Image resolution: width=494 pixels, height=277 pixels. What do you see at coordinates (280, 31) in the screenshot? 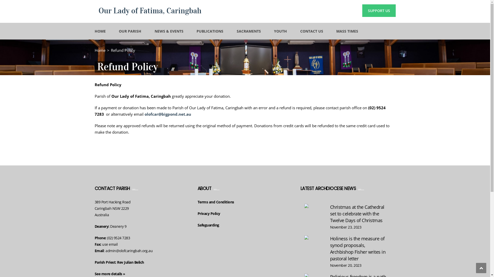
I see `'YOUTH'` at bounding box center [280, 31].